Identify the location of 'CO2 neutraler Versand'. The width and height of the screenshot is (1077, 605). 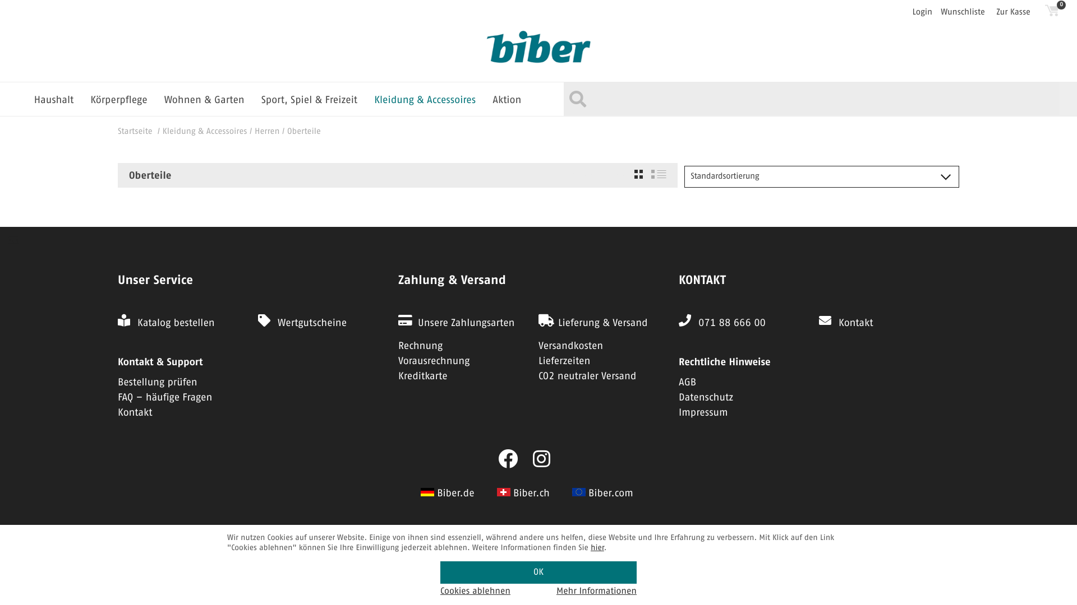
(586, 376).